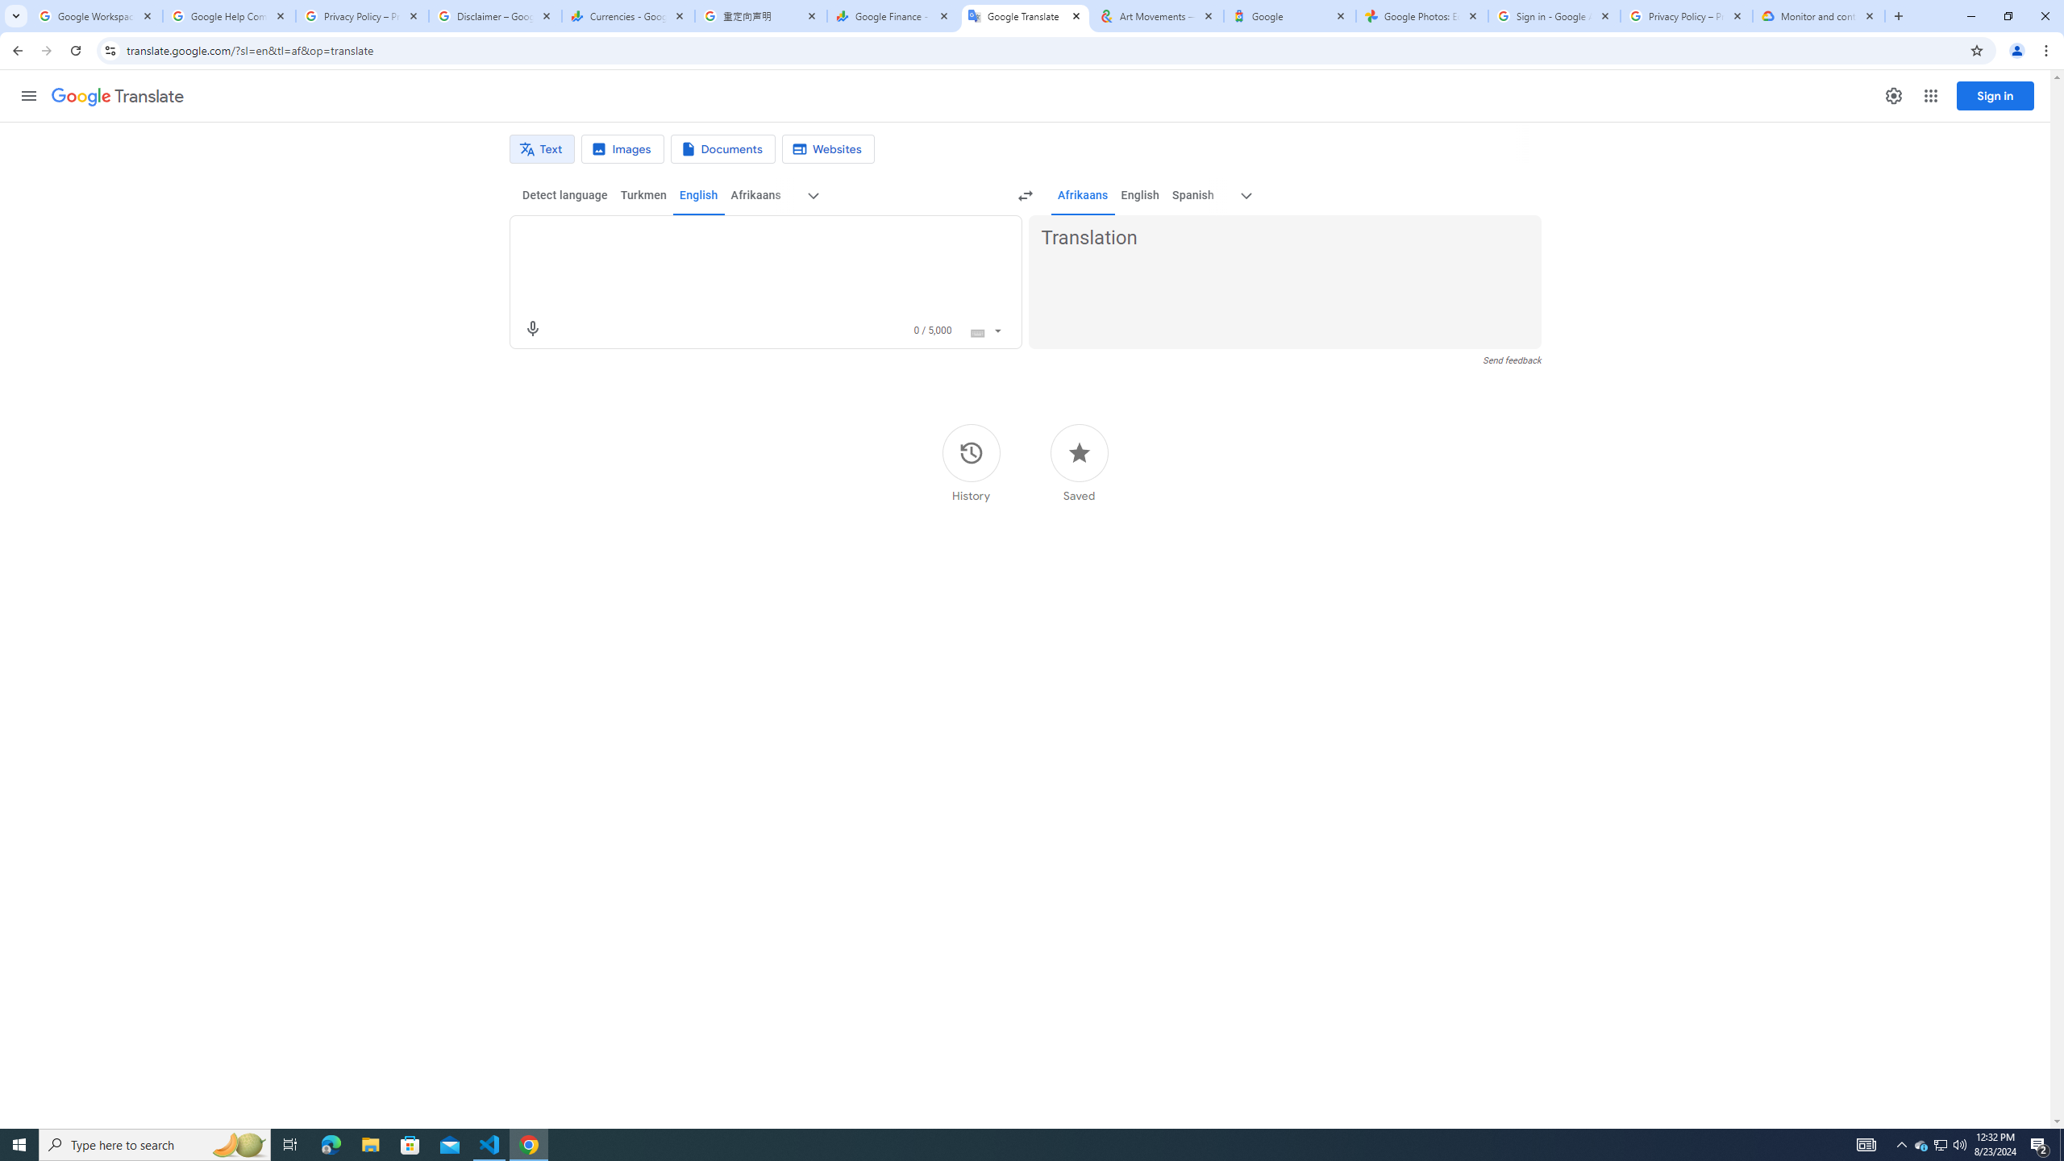 This screenshot has width=2064, height=1161. Describe the element at coordinates (997, 328) in the screenshot. I see `'Show the Input Tools menu'` at that location.